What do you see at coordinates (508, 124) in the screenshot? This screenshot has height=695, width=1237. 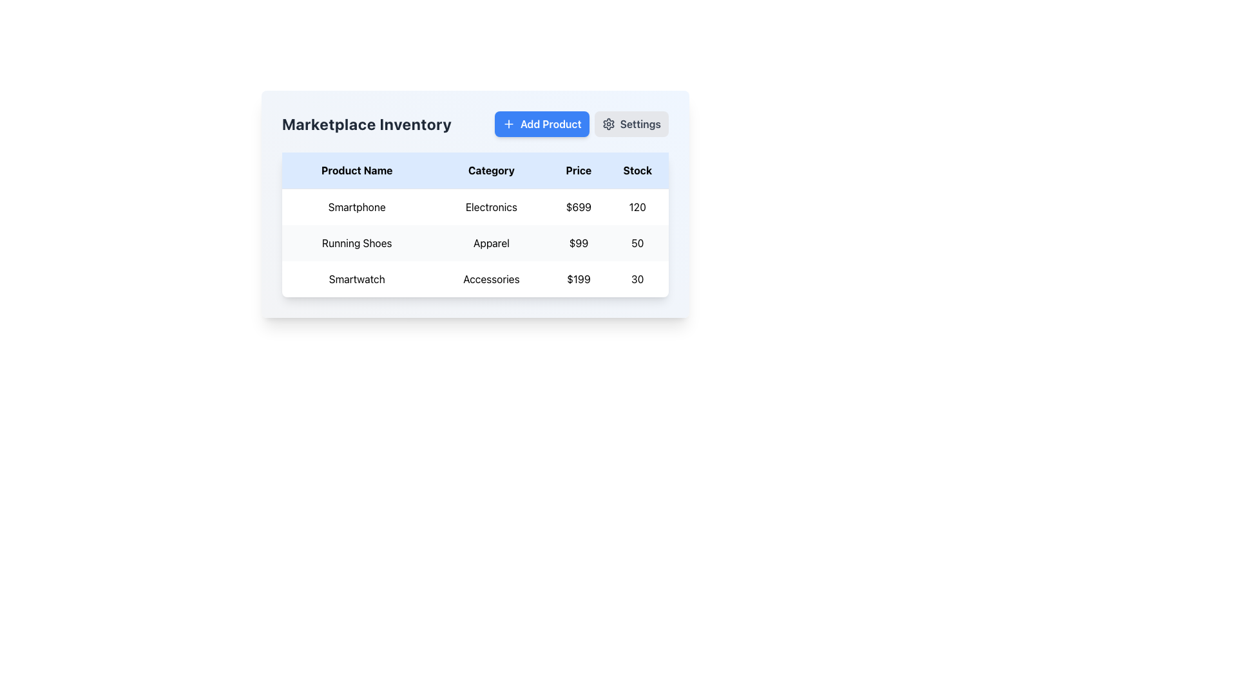 I see `the blue 'Add Product' button, which is located to the right of the plus sign icon in the toolbar above the product table` at bounding box center [508, 124].